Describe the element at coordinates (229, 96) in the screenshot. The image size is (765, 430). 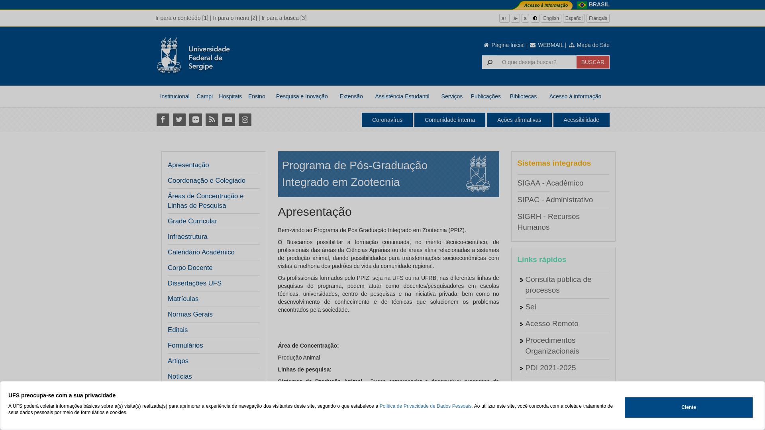
I see `'Hospitais'` at that location.